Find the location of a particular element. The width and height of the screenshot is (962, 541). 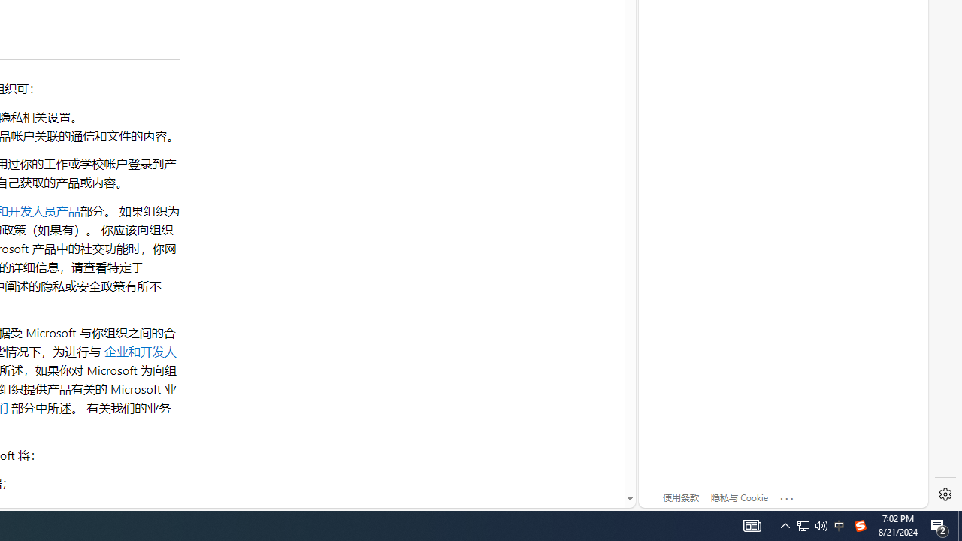

'Tray Input Indicator - Chinese (Simplified, China)' is located at coordinates (860, 524).